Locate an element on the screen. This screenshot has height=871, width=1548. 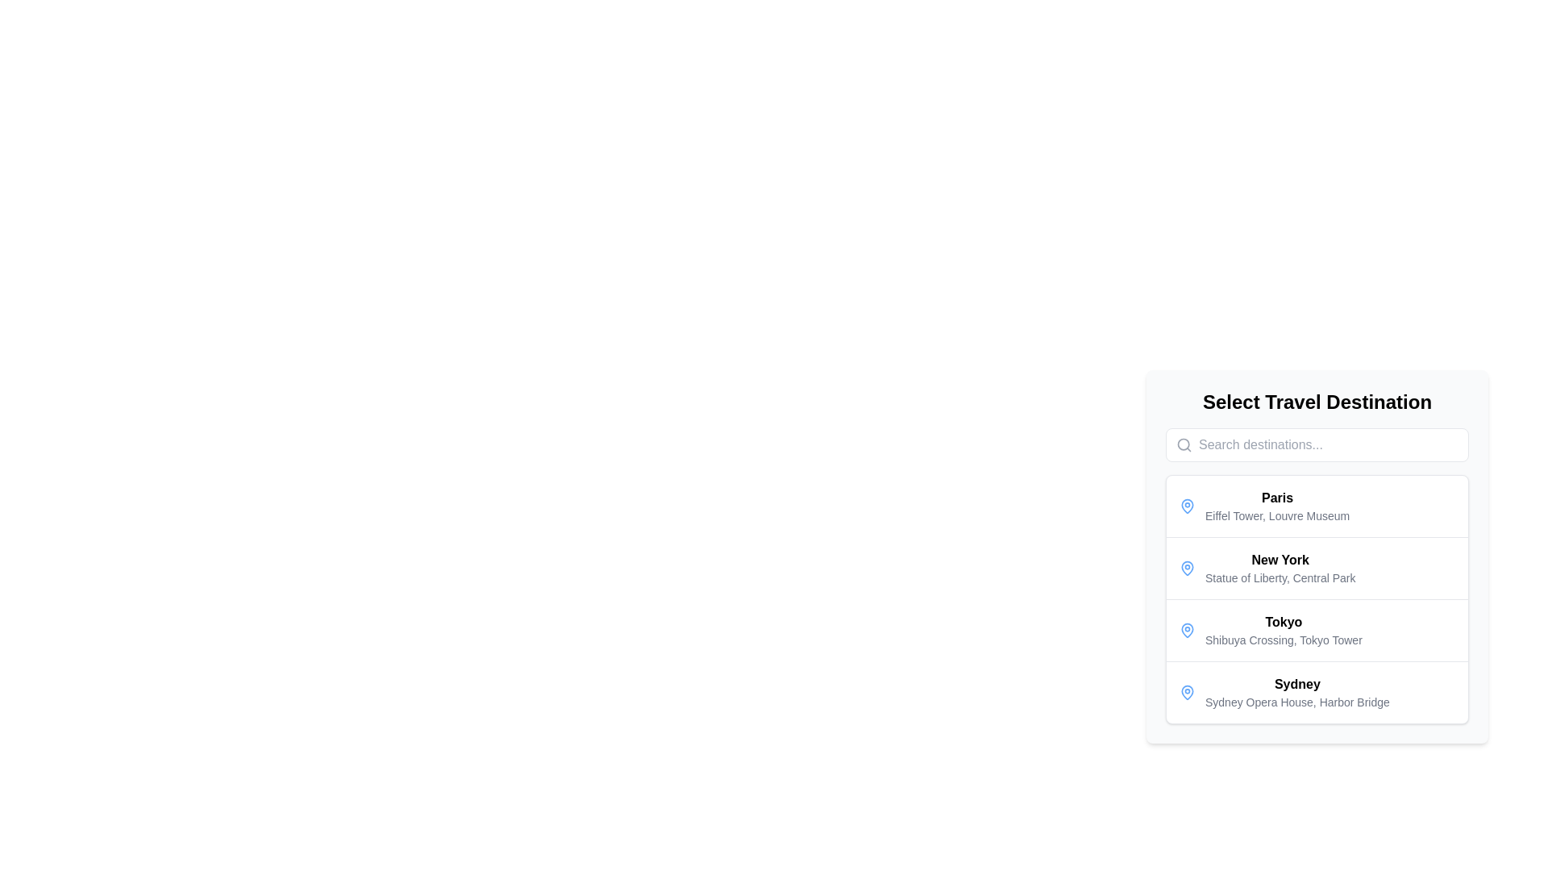
text label that displays 'Statue of Liberty, Central Park', which is styled in a smaller gray font and located beneath the bold text 'New York' within the travel destination selector is located at coordinates (1280, 577).